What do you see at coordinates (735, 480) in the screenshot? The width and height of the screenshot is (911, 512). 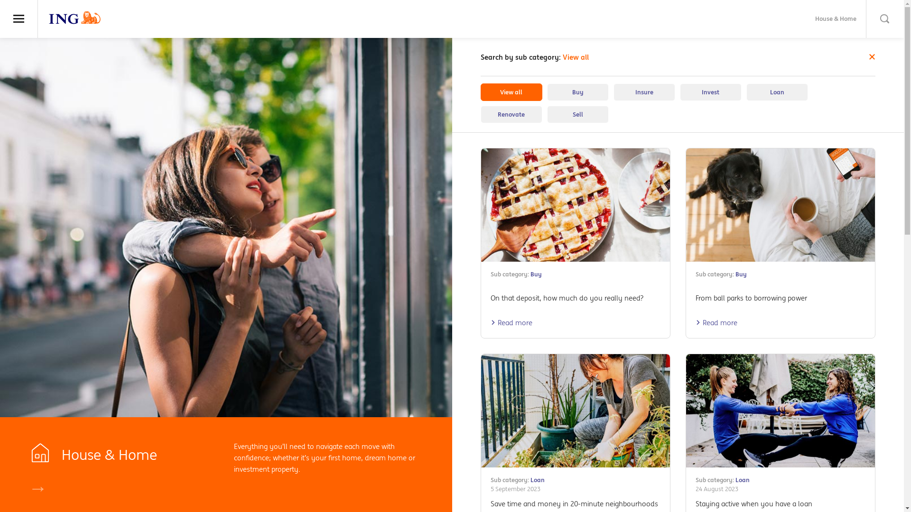 I see `'Loan'` at bounding box center [735, 480].